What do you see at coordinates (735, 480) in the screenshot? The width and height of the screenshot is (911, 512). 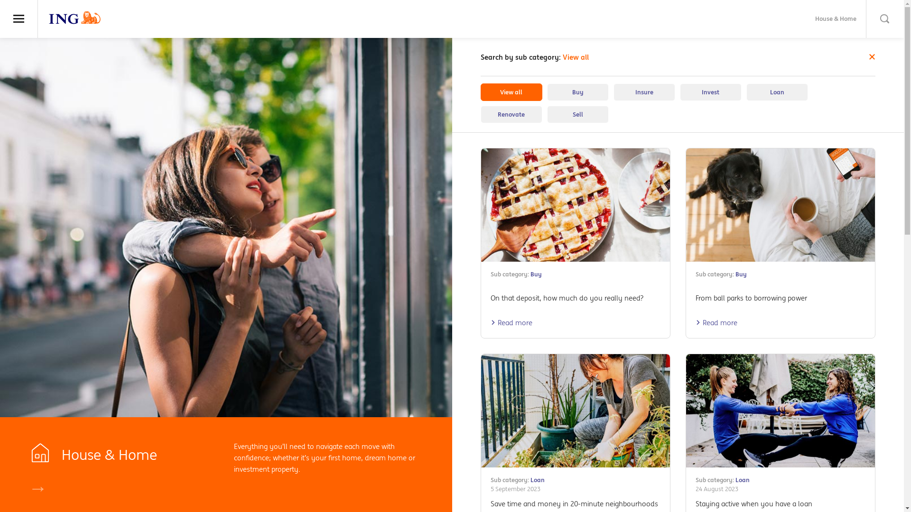 I see `'Loan'` at bounding box center [735, 480].